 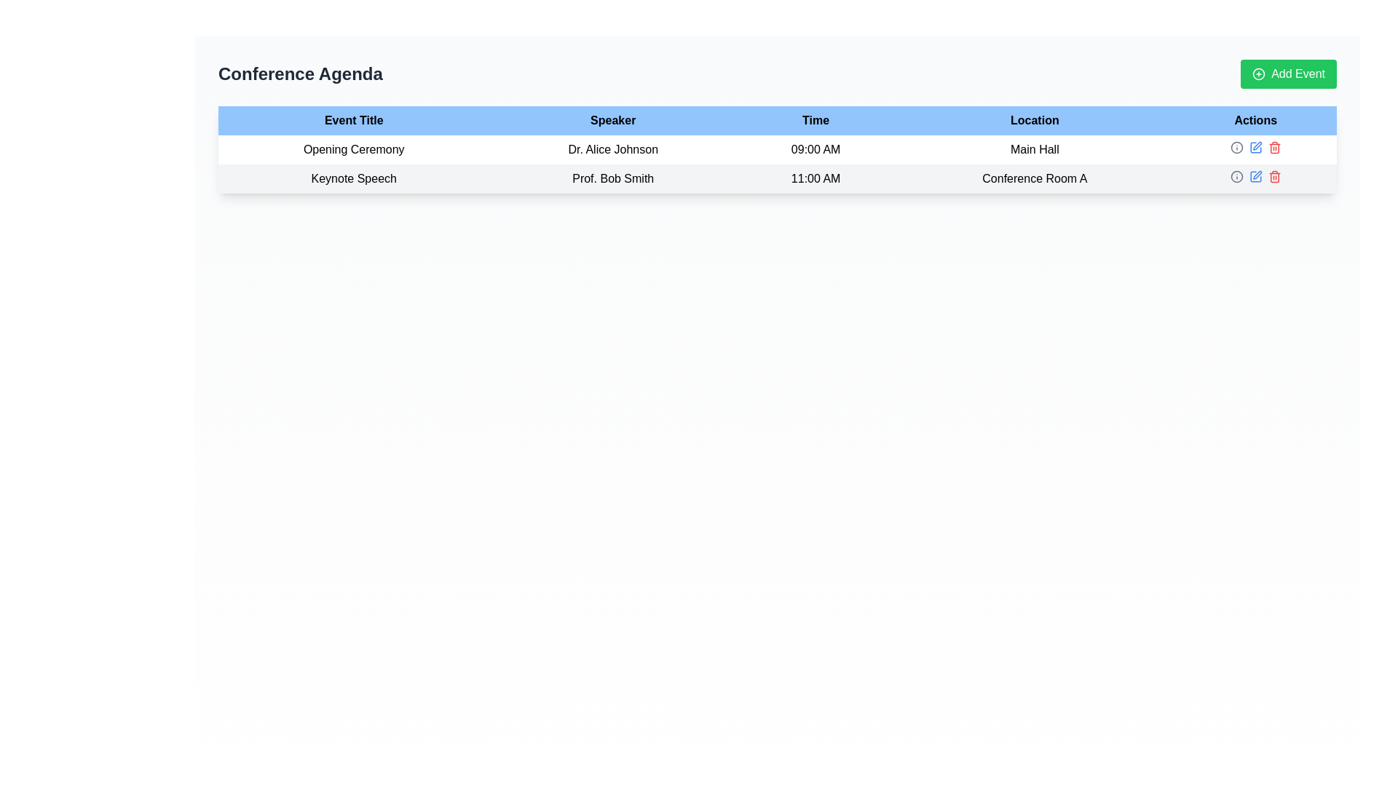 What do you see at coordinates (815, 119) in the screenshot?
I see `the text label displaying 'Time', which is styled in black text on a blue background and positioned in the header row between 'Speaker' and 'Location'` at bounding box center [815, 119].